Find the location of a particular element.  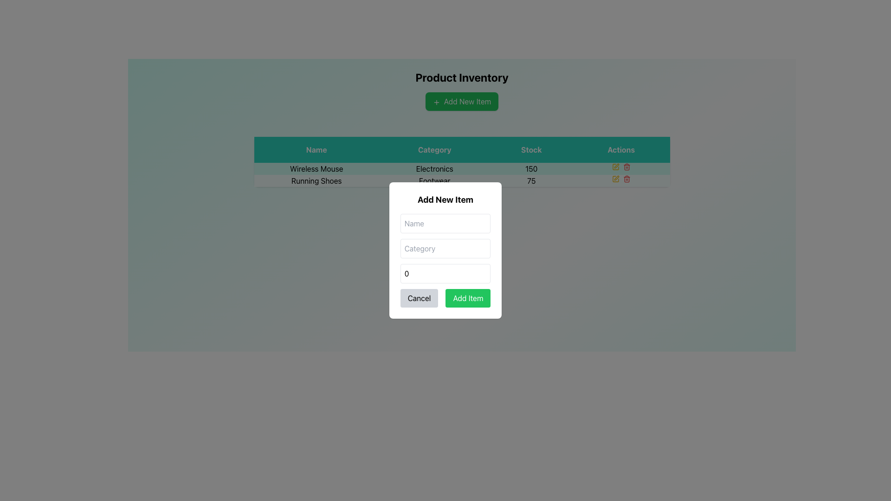

the 'Cancel' button, which is a rectangular button with rounded corners, styled with a light gray background and black centered text, located at the bottom left corner of the modal dialog box is located at coordinates (419, 298).